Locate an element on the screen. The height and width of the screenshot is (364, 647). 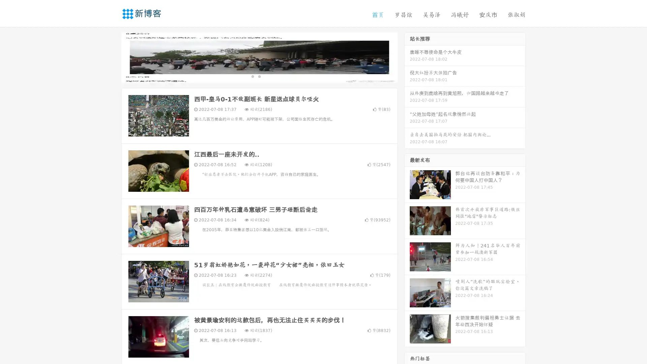
Previous slide is located at coordinates (111, 57).